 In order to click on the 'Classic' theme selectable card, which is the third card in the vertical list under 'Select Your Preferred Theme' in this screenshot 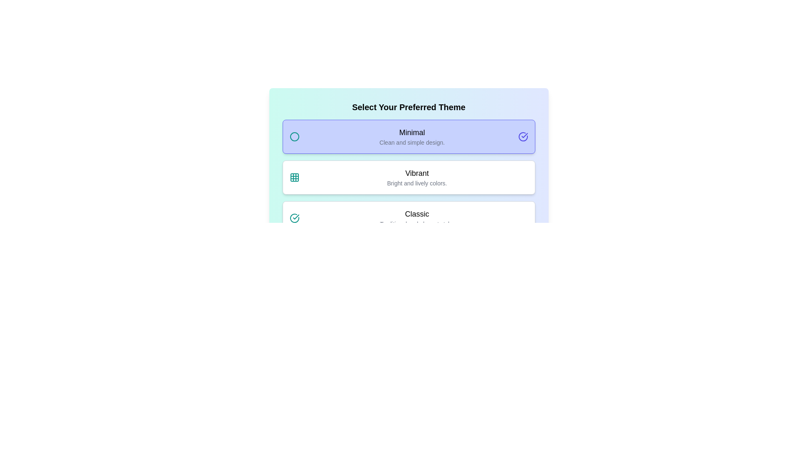, I will do `click(409, 217)`.